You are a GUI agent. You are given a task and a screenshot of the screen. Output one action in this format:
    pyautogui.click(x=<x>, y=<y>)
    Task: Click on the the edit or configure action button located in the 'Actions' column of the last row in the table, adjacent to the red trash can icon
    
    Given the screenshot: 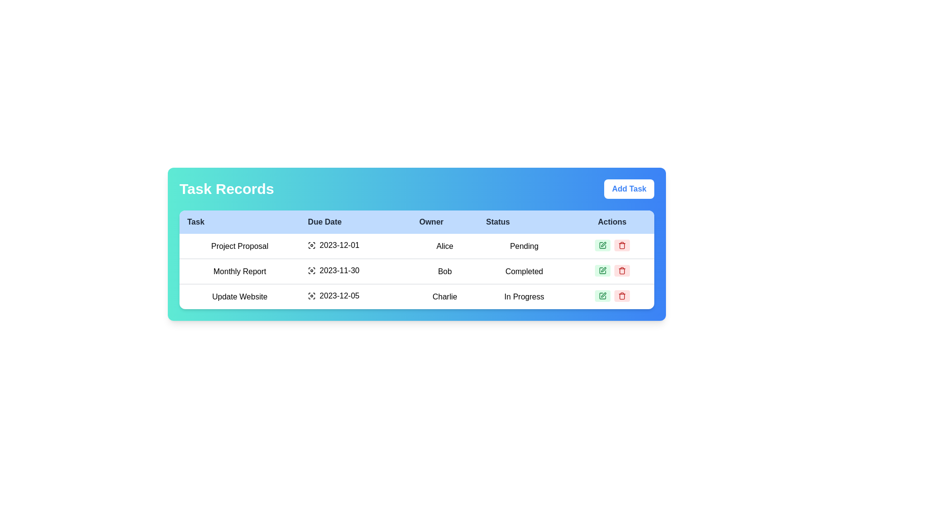 What is the action you would take?
    pyautogui.click(x=602, y=296)
    